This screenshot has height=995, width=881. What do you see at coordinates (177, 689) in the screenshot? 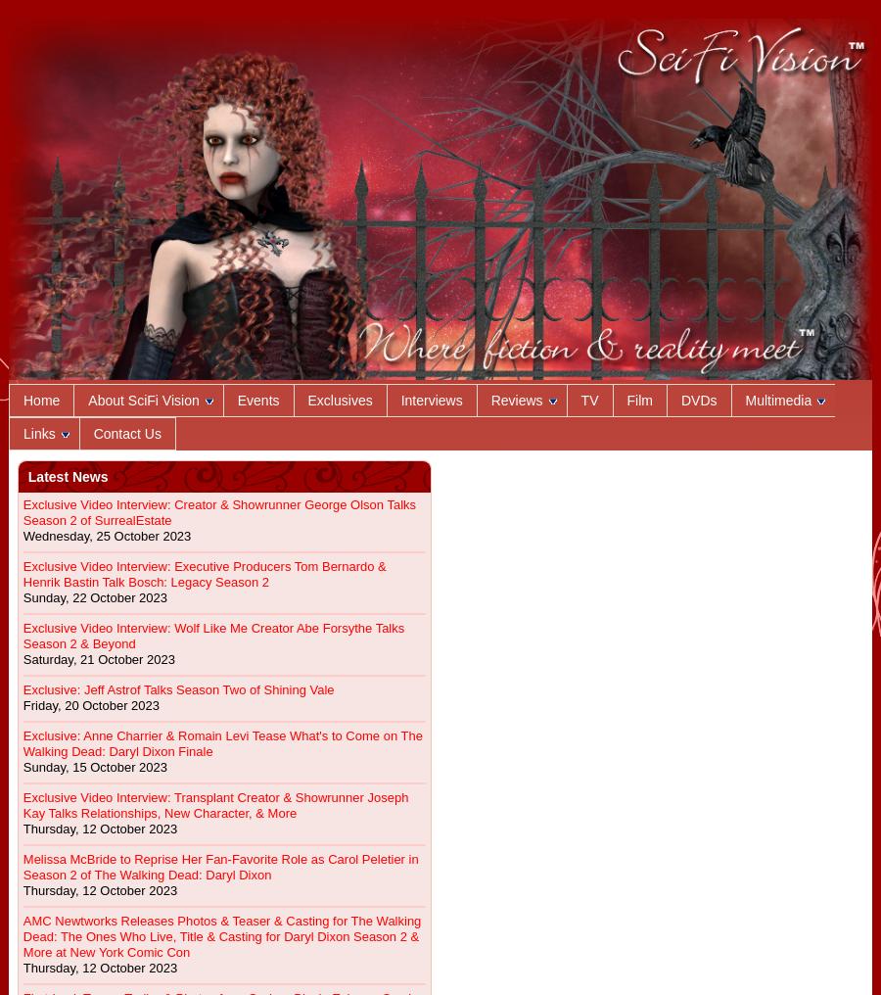
I see `'Exclusive: Jeff Astrof Talks Season Two of Shining Vale'` at bounding box center [177, 689].